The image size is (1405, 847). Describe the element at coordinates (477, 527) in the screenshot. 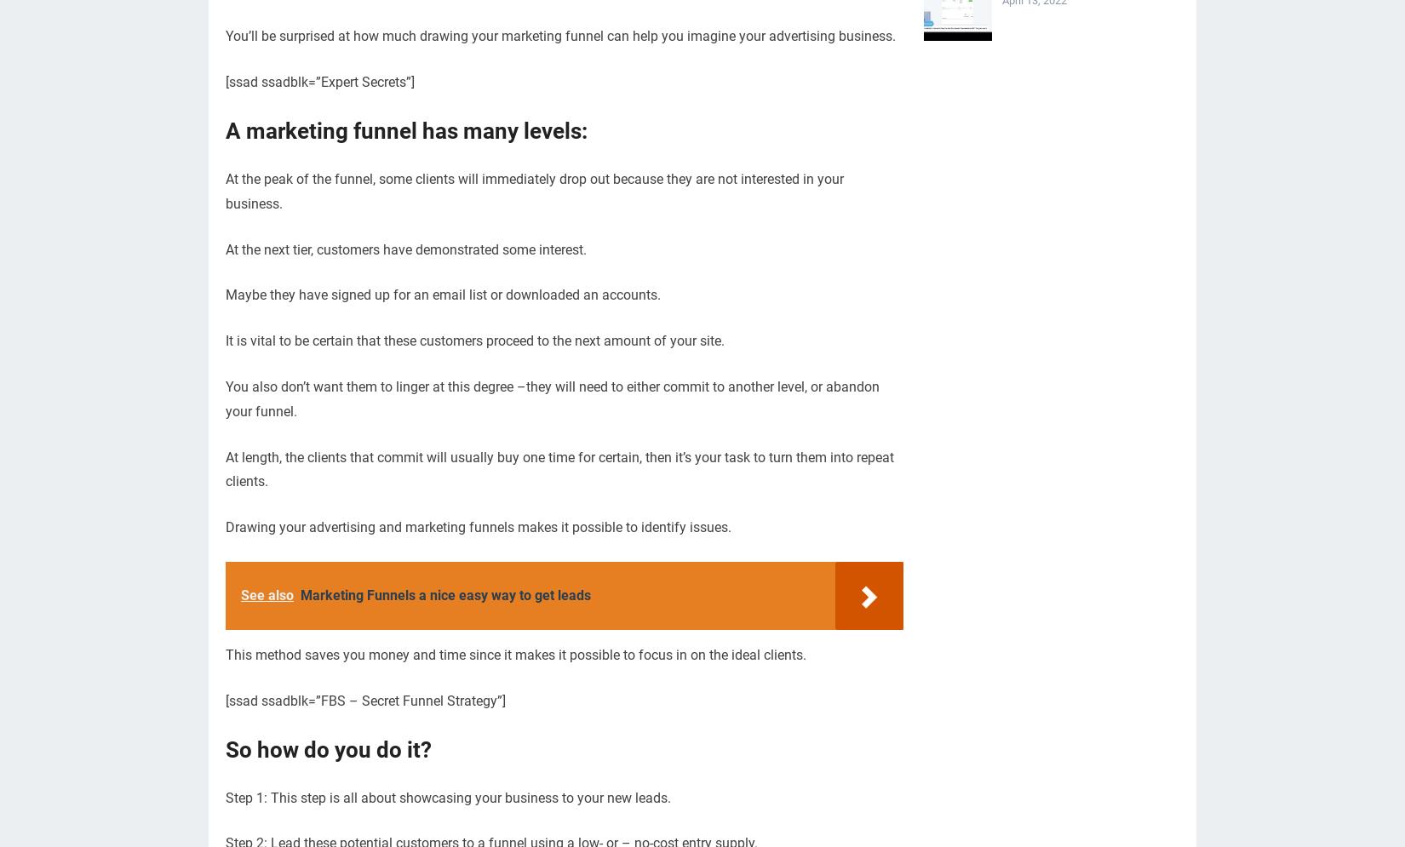

I see `'Drawing your advertising and marketing funnels makes it possible to identify issues.'` at that location.